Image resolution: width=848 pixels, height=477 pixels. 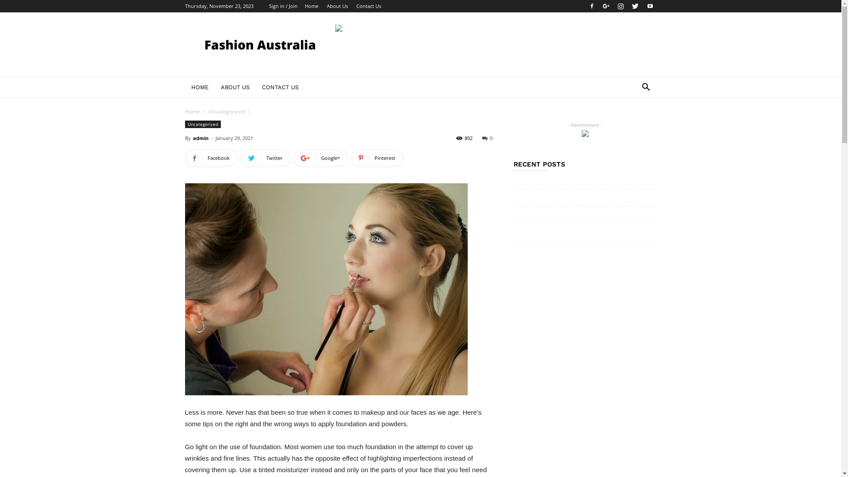 What do you see at coordinates (481, 138) in the screenshot?
I see `'0'` at bounding box center [481, 138].